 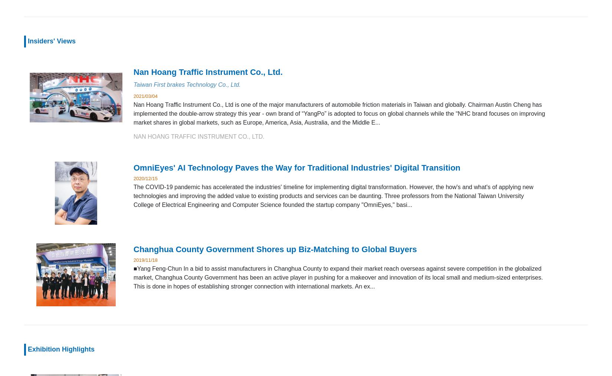 I want to click on '2019/11/18', so click(x=145, y=259).